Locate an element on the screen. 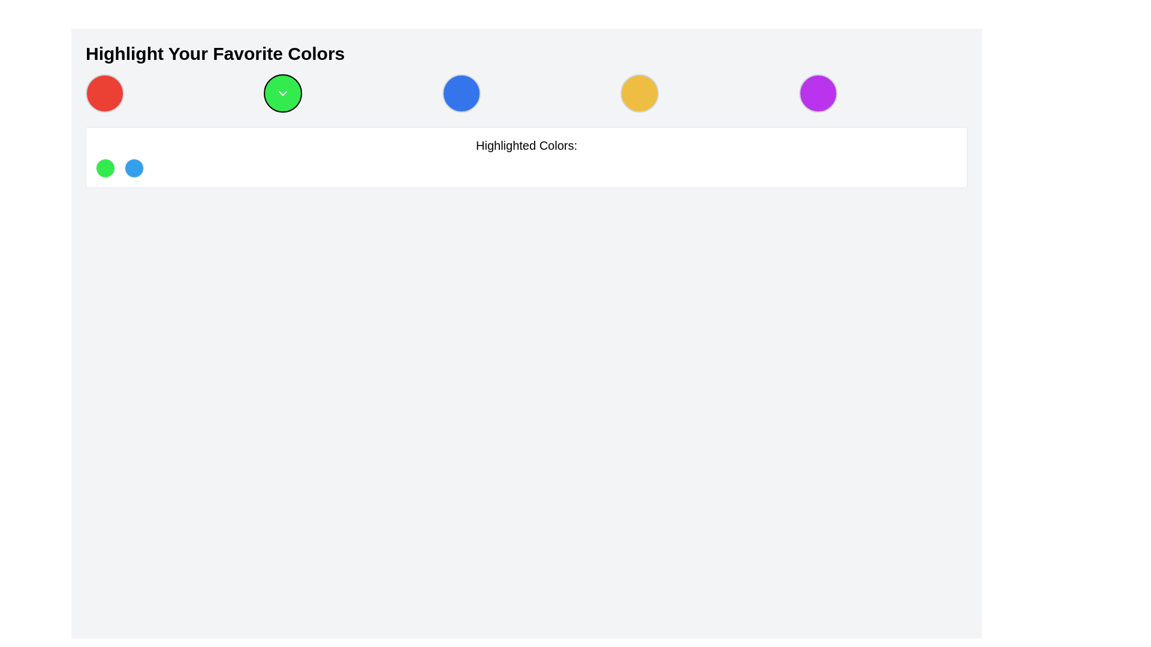 This screenshot has height=647, width=1151. the fourth circular selectable color option button located in the center-right of the row is located at coordinates (639, 92).